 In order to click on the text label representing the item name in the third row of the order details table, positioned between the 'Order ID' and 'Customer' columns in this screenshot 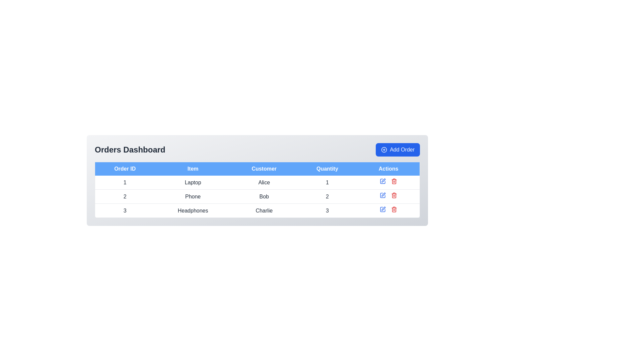, I will do `click(193, 210)`.